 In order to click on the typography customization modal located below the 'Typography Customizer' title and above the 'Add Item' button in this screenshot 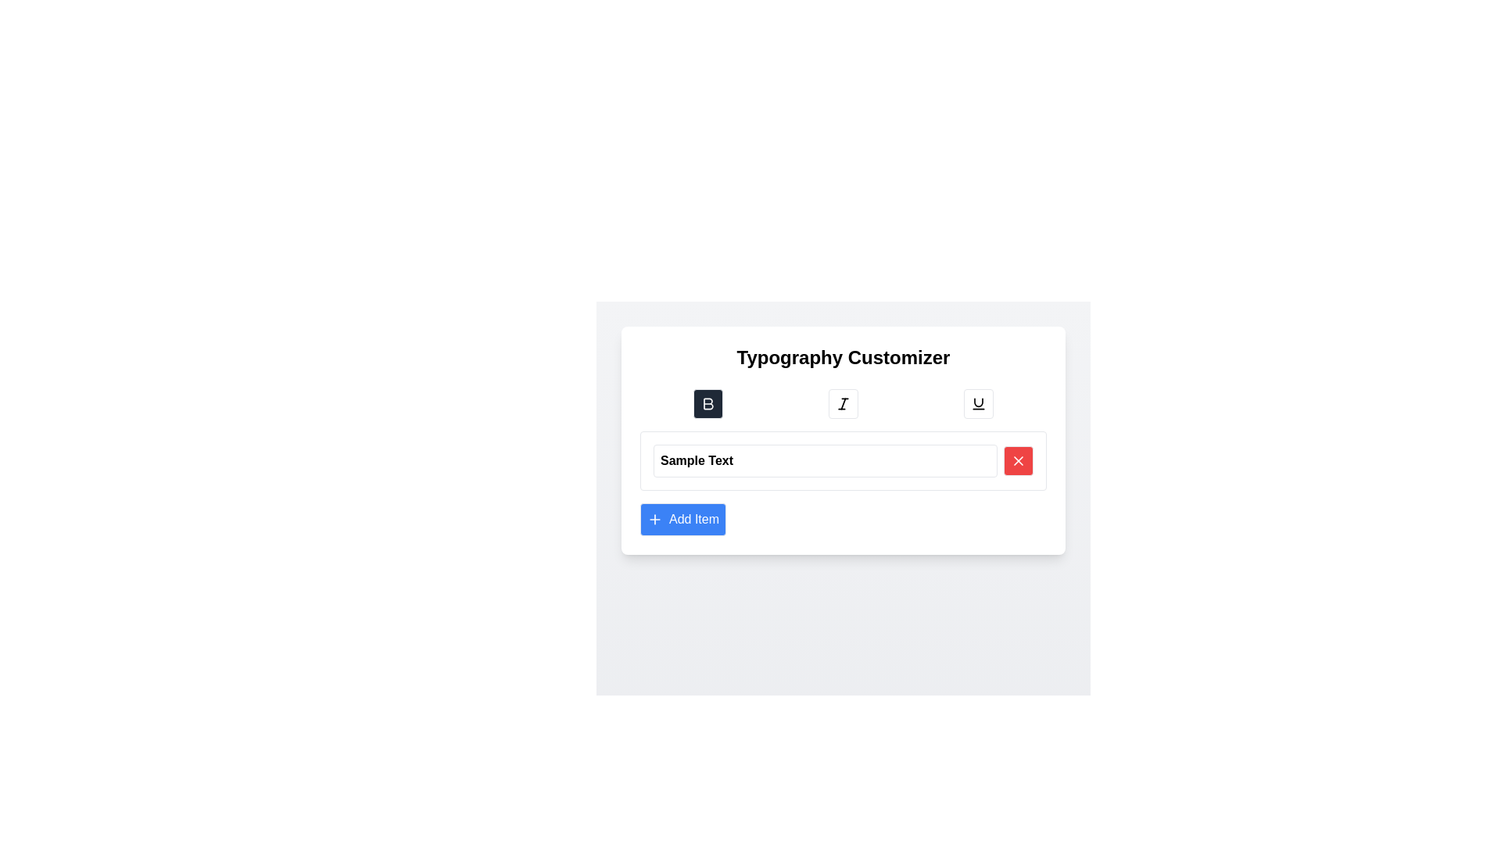, I will do `click(843, 488)`.